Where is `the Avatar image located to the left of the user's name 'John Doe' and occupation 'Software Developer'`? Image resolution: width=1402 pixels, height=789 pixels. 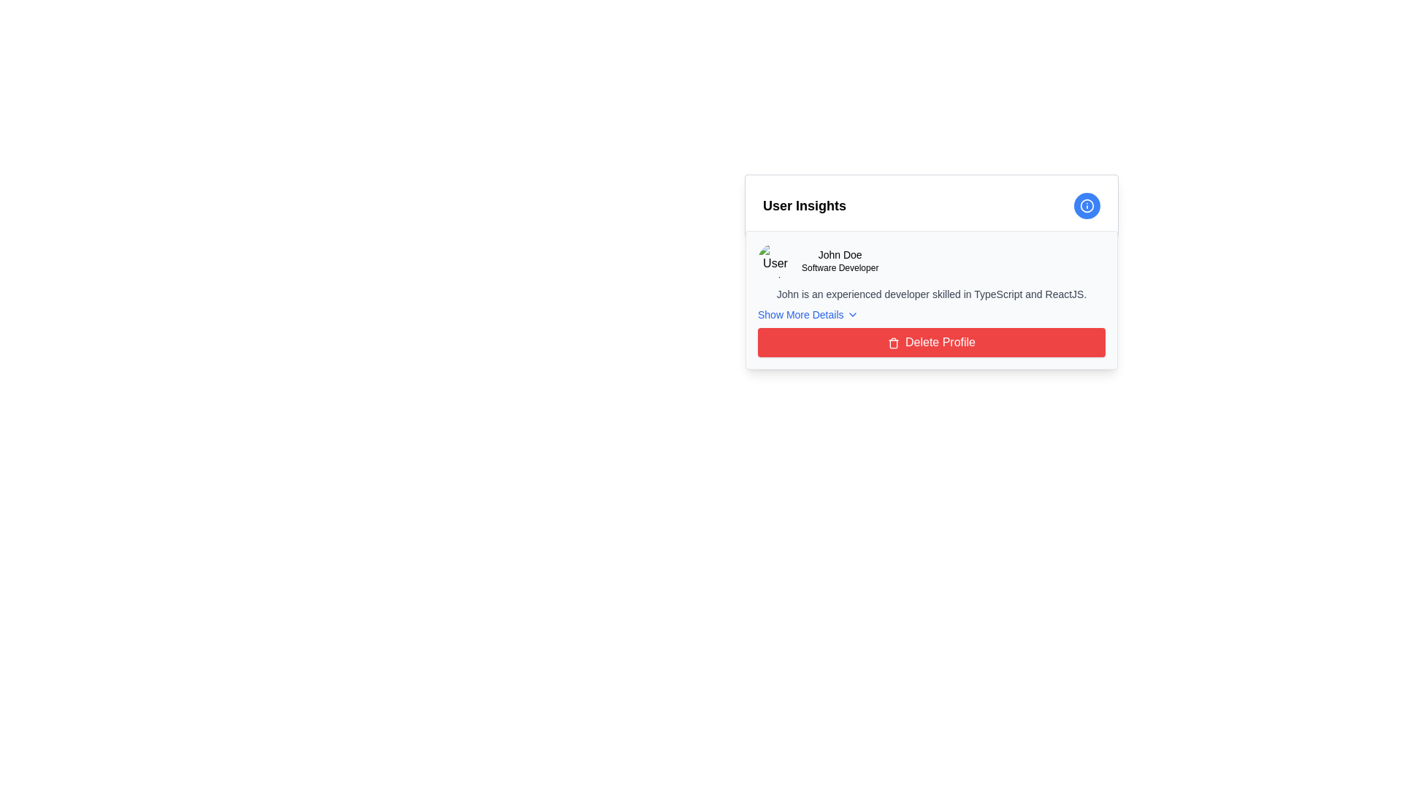 the Avatar image located to the left of the user's name 'John Doe' and occupation 'Software Developer' is located at coordinates (774, 260).